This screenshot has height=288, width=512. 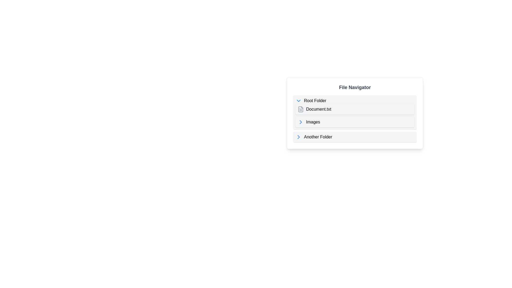 What do you see at coordinates (355, 122) in the screenshot?
I see `the 'Images' folder entry` at bounding box center [355, 122].